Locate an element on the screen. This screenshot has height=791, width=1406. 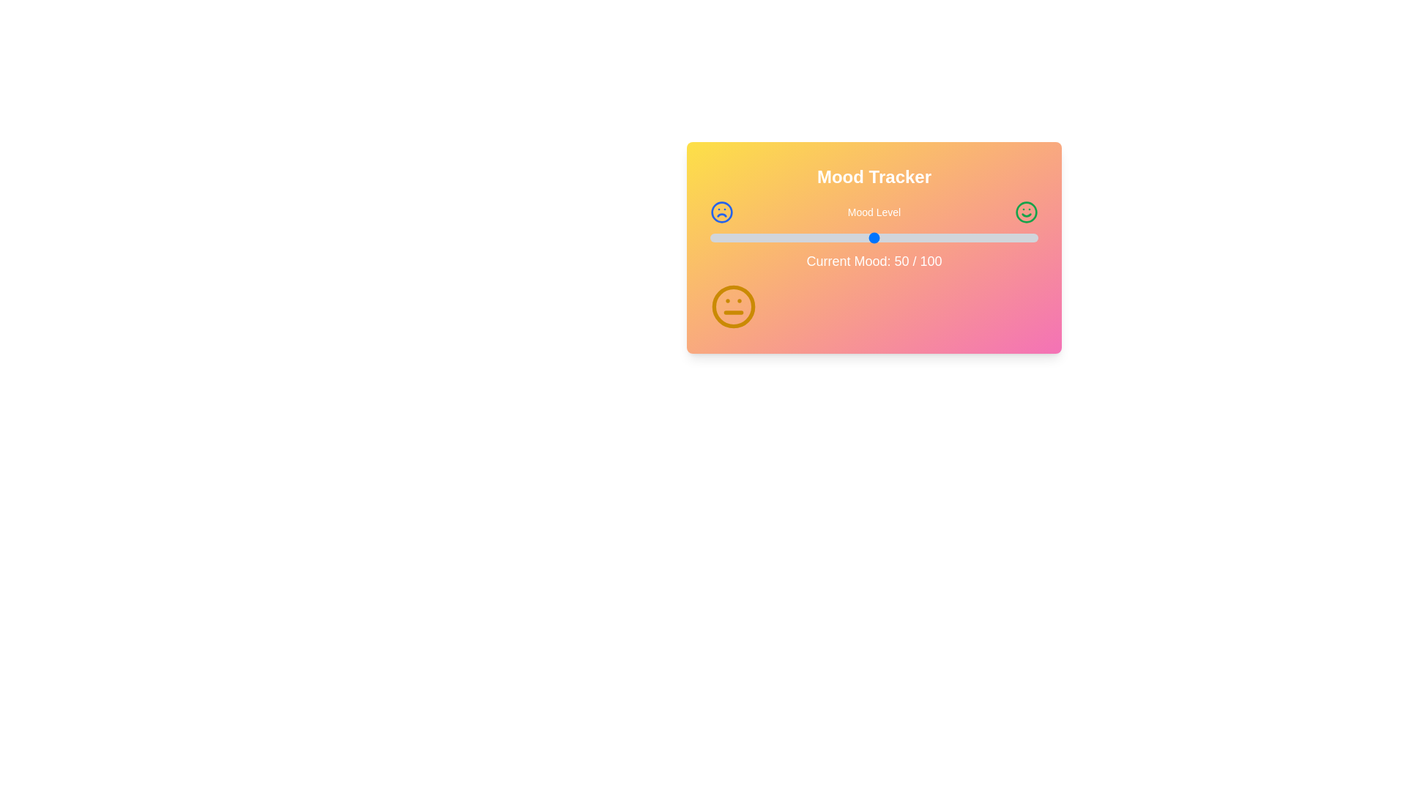
the mood level slider to 94 where mood_level is a percentage between 0 and 100 is located at coordinates (1018, 237).